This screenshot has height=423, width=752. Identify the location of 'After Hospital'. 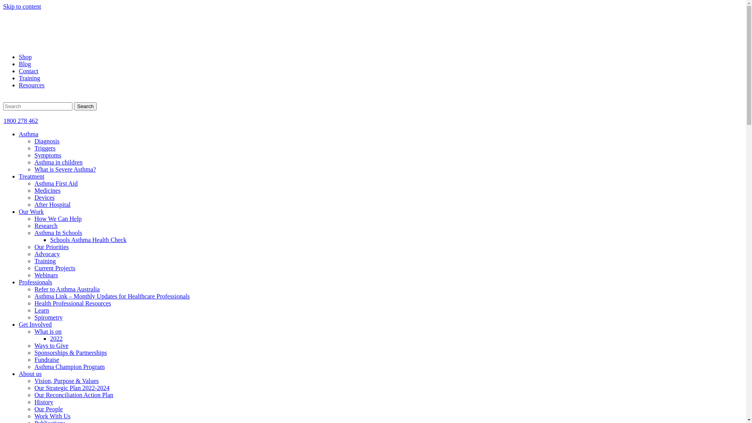
(52, 204).